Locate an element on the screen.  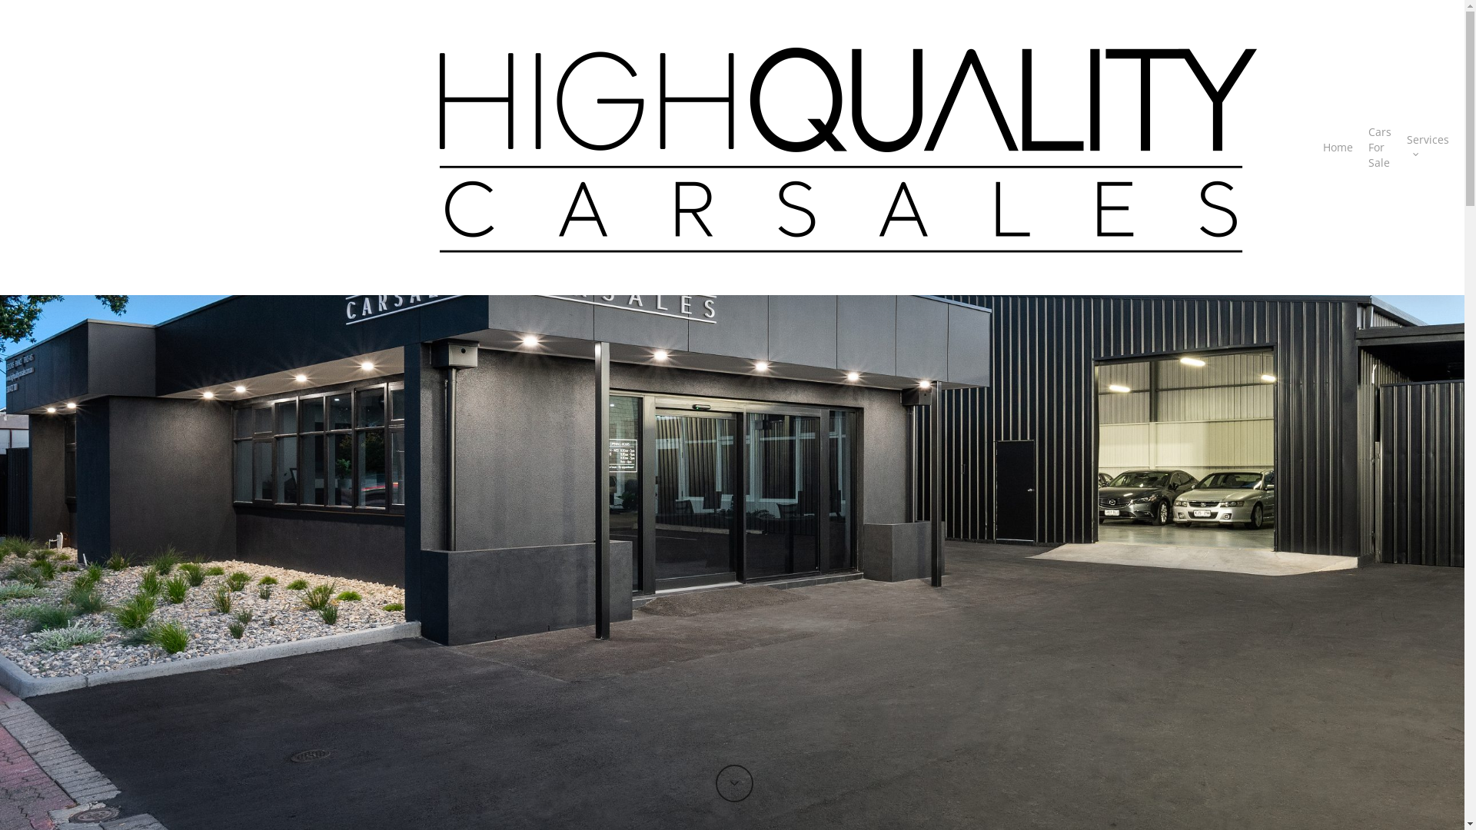
'Services' is located at coordinates (1427, 148).